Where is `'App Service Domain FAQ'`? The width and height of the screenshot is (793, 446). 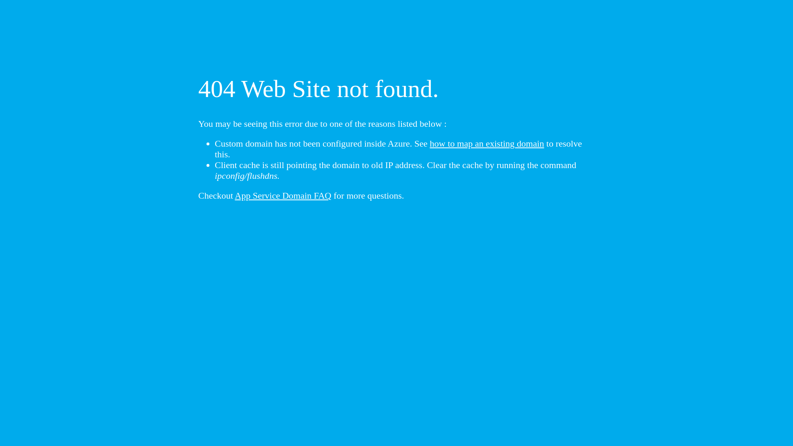 'App Service Domain FAQ' is located at coordinates (283, 195).